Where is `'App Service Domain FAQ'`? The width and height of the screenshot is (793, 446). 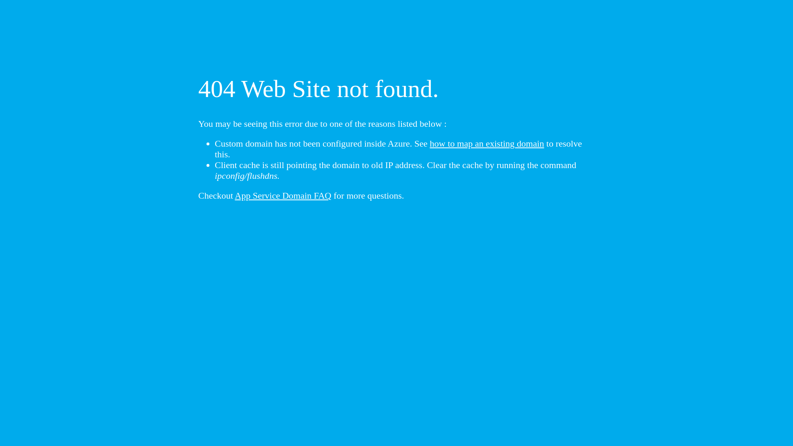 'App Service Domain FAQ' is located at coordinates (283, 195).